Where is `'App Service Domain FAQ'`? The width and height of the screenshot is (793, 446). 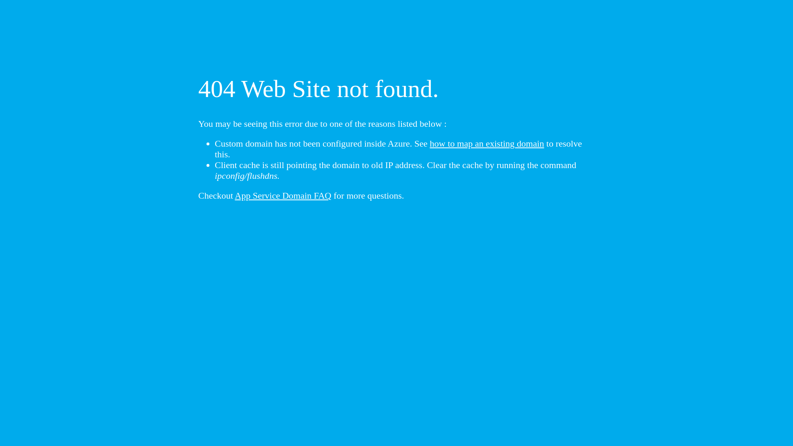 'App Service Domain FAQ' is located at coordinates (283, 195).